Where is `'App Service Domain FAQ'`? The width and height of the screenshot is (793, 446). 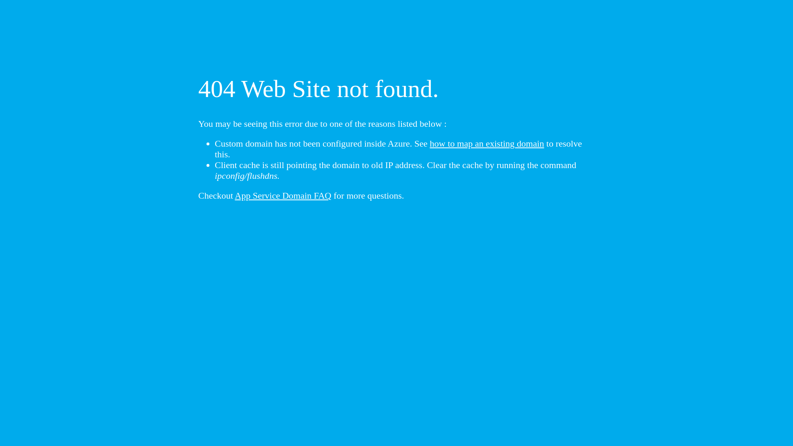 'App Service Domain FAQ' is located at coordinates (283, 195).